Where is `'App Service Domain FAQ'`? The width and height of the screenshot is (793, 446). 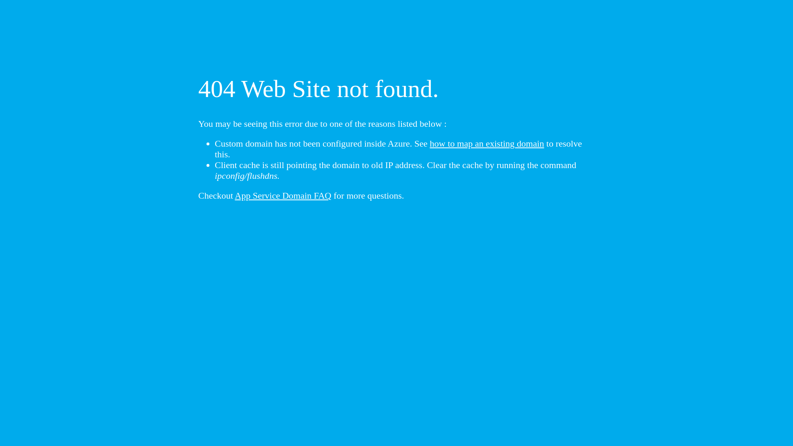 'App Service Domain FAQ' is located at coordinates (283, 195).